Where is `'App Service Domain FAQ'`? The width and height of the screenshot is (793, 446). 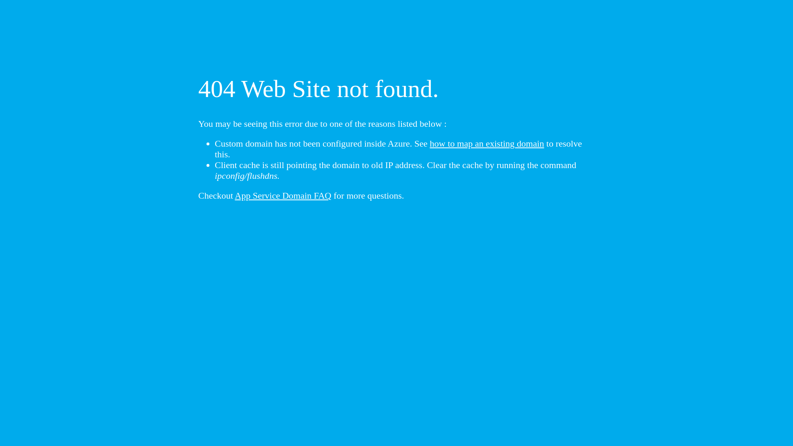 'App Service Domain FAQ' is located at coordinates (283, 195).